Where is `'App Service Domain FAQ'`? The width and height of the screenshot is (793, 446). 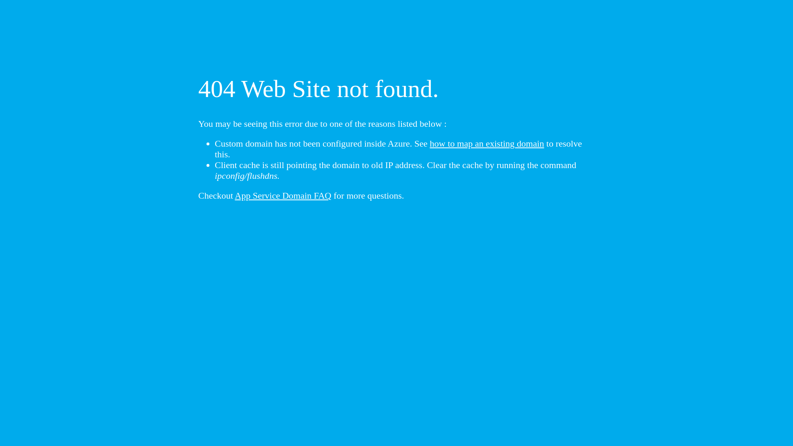 'App Service Domain FAQ' is located at coordinates (283, 195).